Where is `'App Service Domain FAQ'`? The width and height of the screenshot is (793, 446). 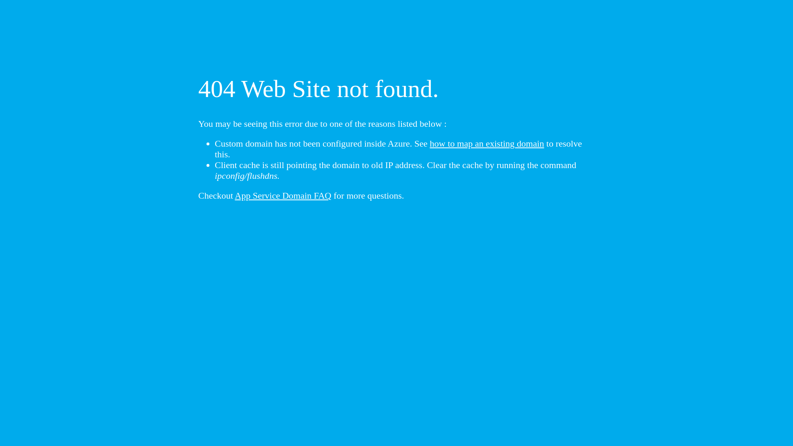 'App Service Domain FAQ' is located at coordinates (283, 195).